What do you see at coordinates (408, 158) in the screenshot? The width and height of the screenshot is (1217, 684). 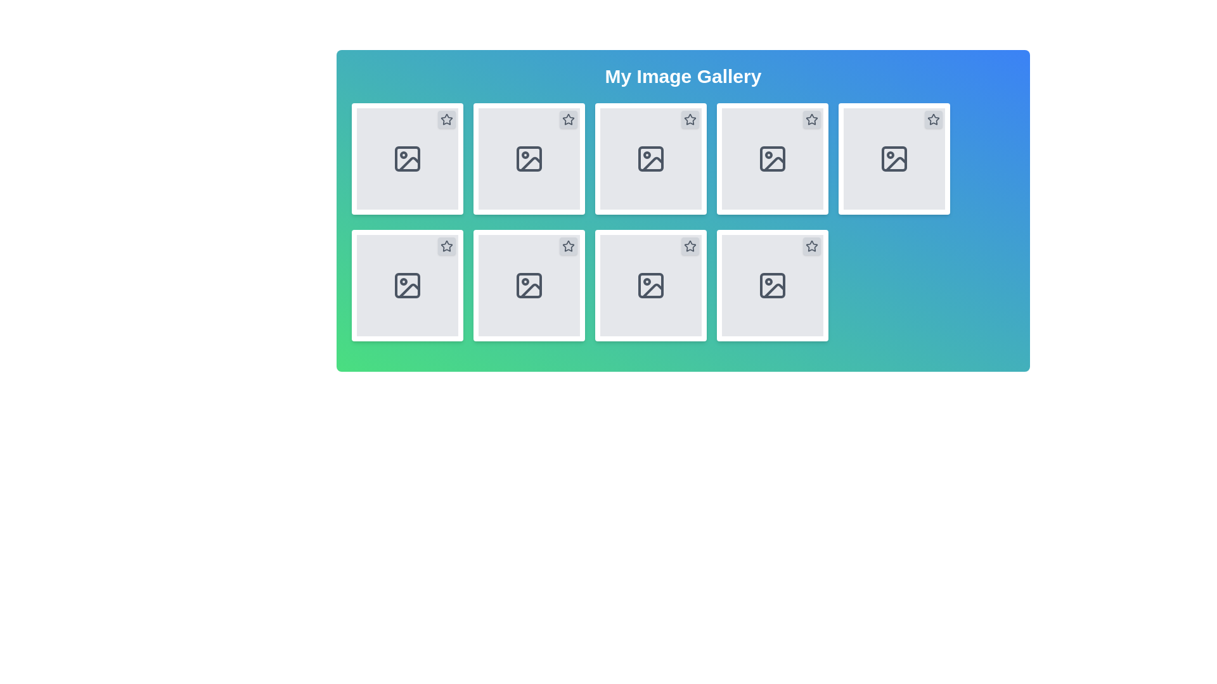 I see `the interactive card or tile with a white background and a gray image icon` at bounding box center [408, 158].